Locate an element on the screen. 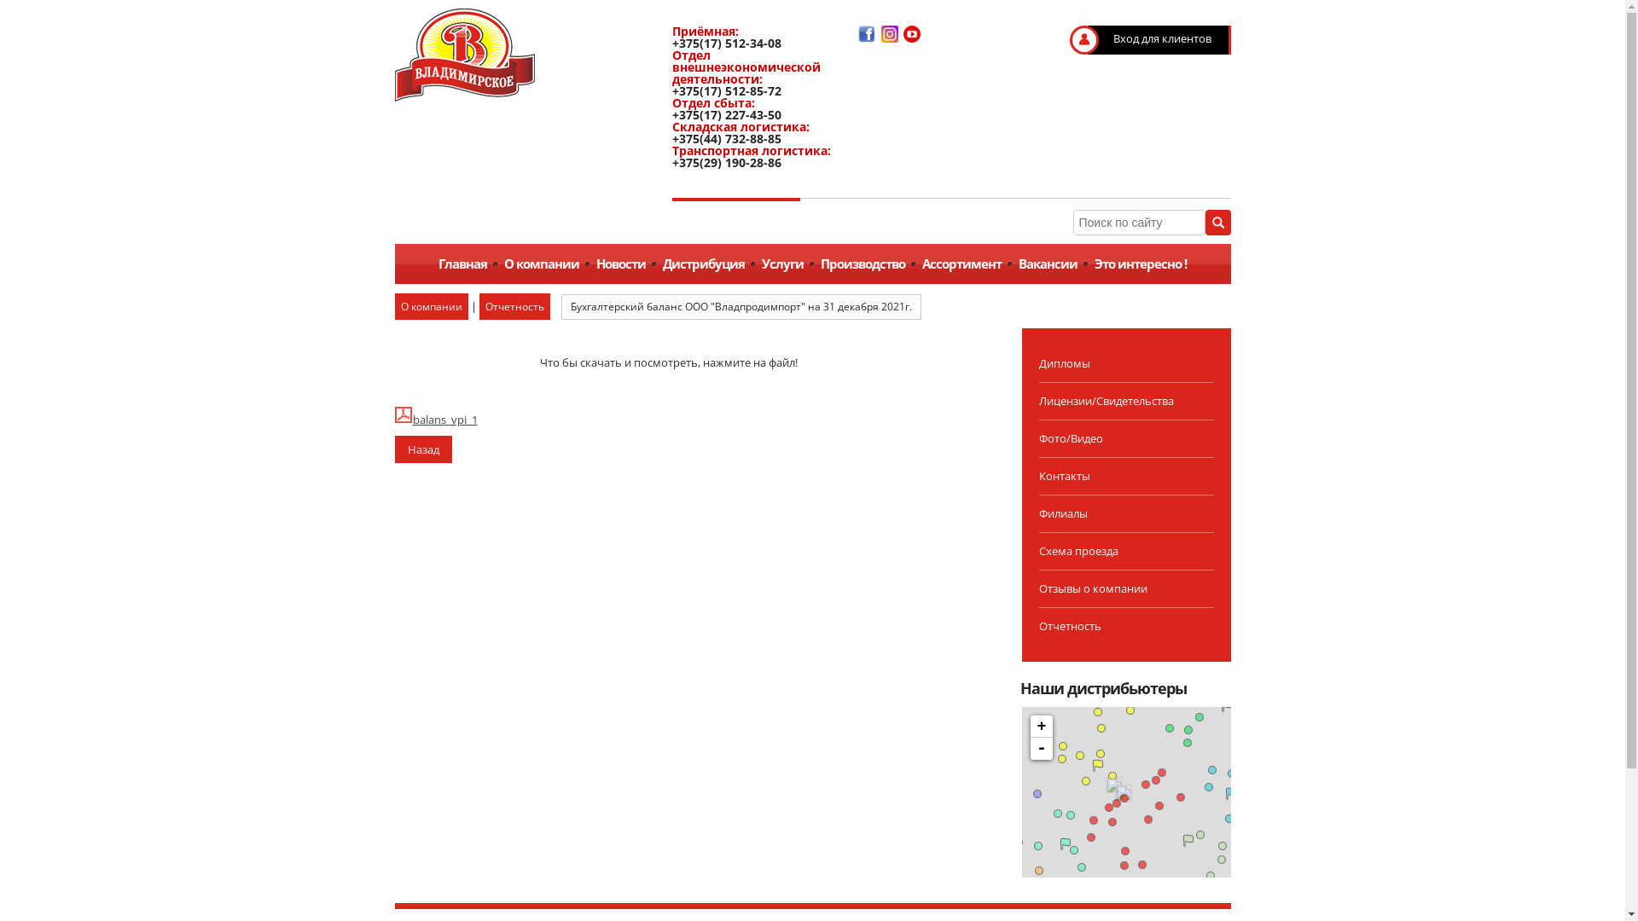  '+' is located at coordinates (1040, 727).